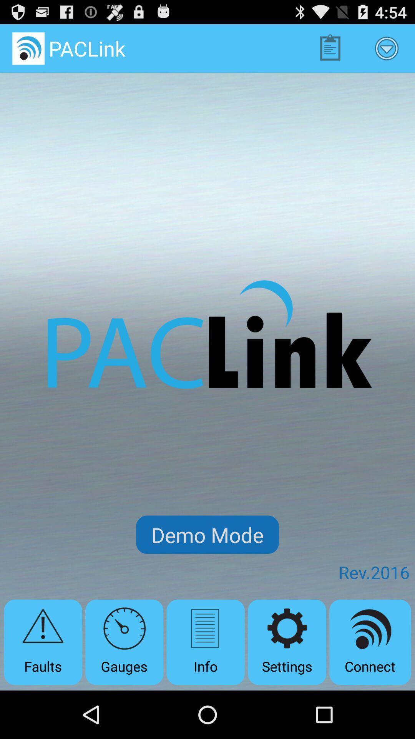  What do you see at coordinates (205, 642) in the screenshot?
I see `icon below demo mode` at bounding box center [205, 642].